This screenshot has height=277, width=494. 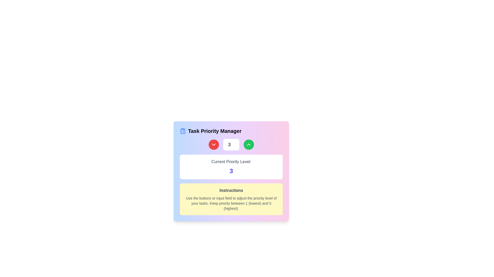 What do you see at coordinates (231, 199) in the screenshot?
I see `the Textual Information Panel with a yellow background and the header text 'Instructions'` at bounding box center [231, 199].